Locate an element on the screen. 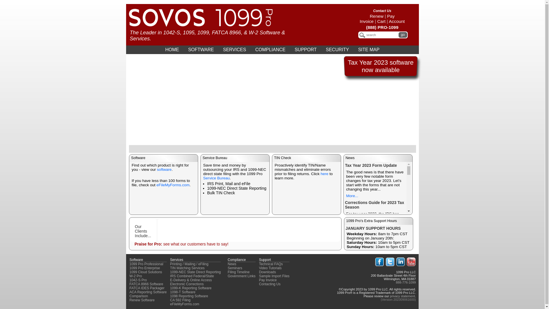 The height and width of the screenshot is (309, 549). 'More...' is located at coordinates (351, 279).